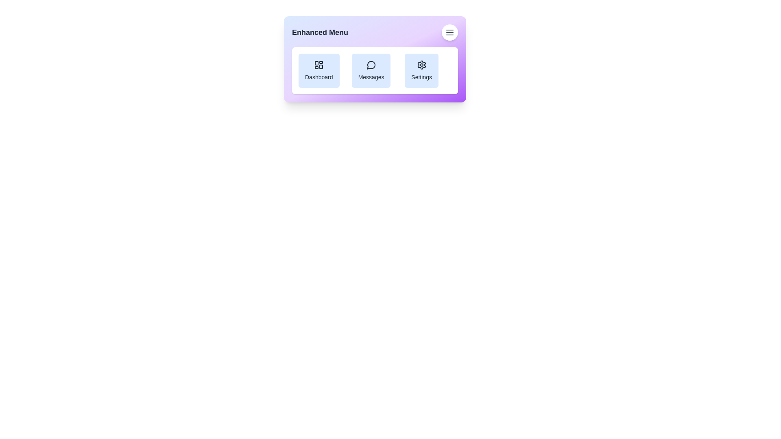 This screenshot has height=439, width=781. I want to click on the 'Dashboard' button, so click(319, 70).